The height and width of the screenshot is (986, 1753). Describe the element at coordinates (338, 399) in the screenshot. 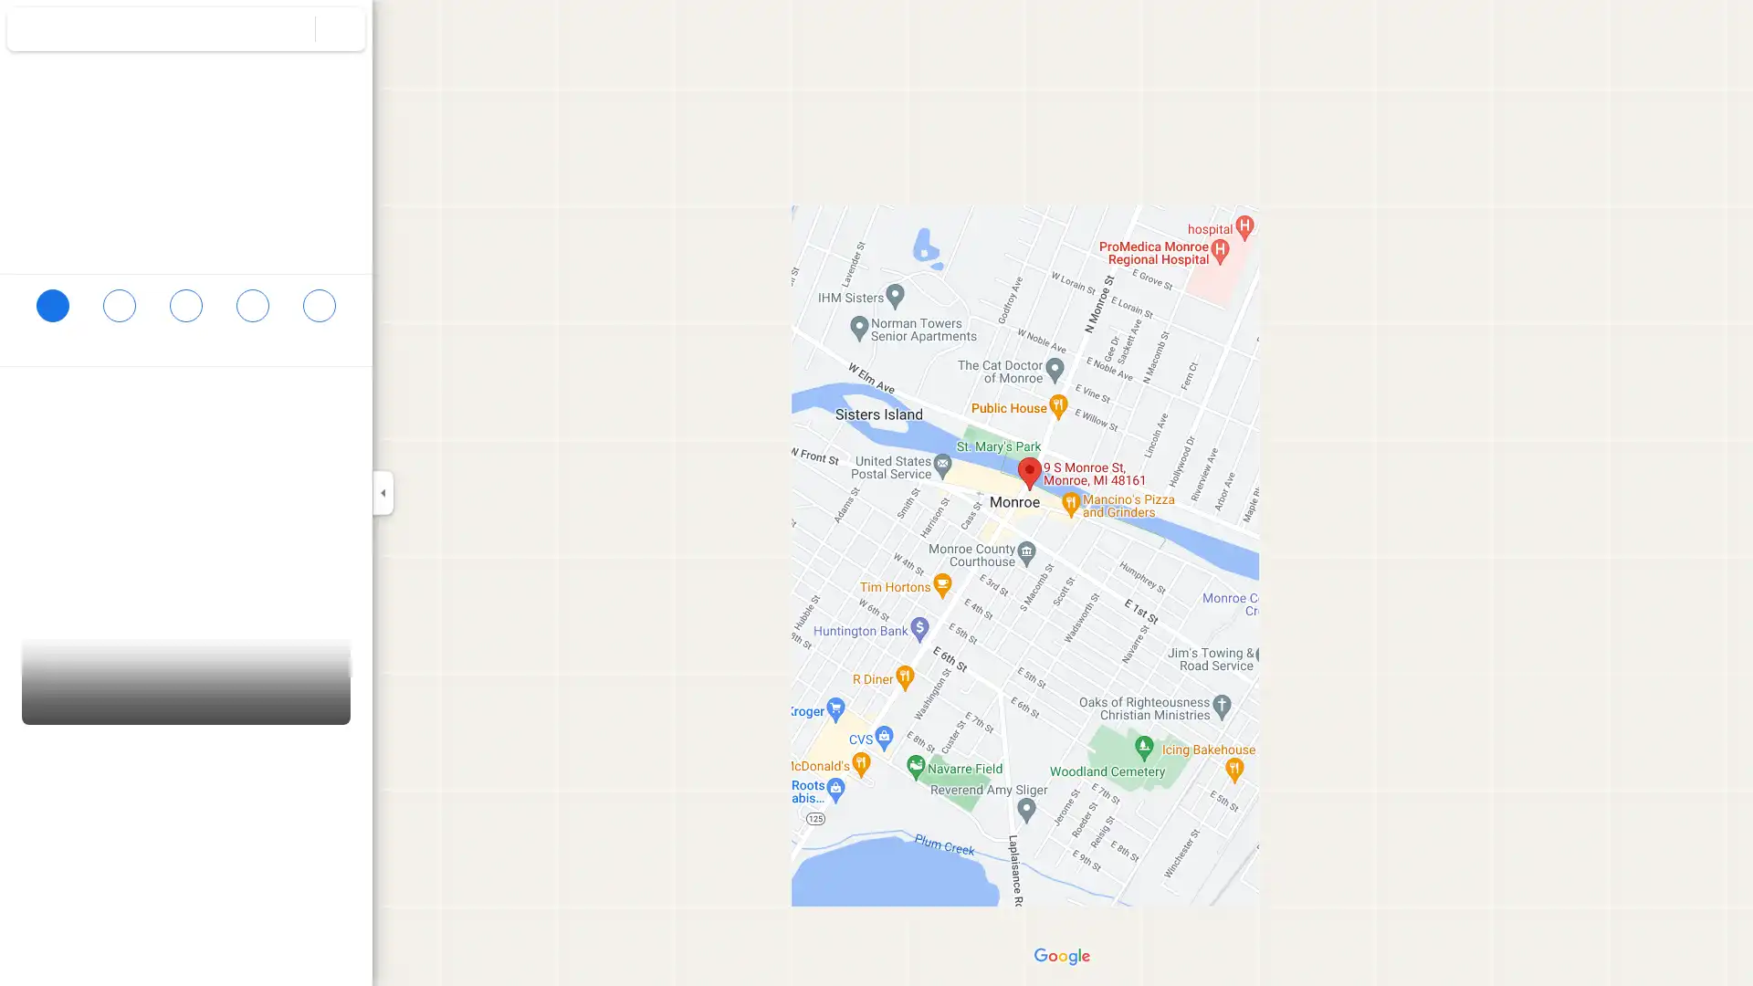

I see `Copy address` at that location.